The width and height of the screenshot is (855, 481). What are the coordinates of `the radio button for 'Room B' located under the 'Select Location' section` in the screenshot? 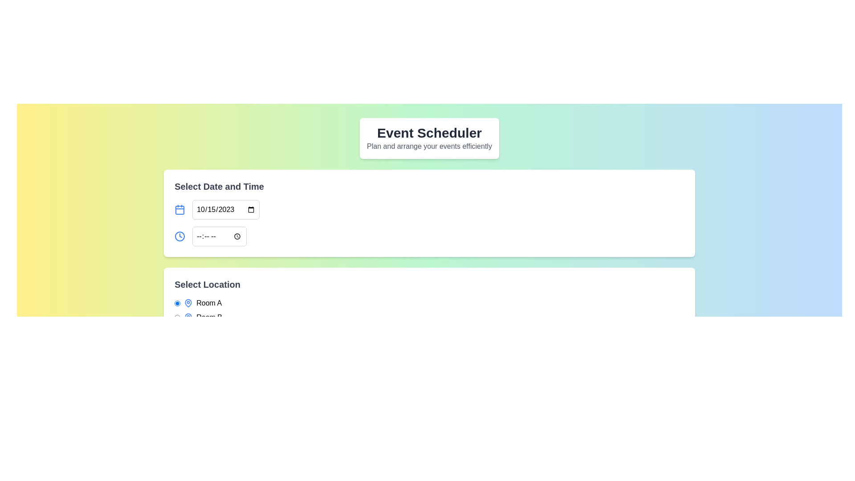 It's located at (177, 317).